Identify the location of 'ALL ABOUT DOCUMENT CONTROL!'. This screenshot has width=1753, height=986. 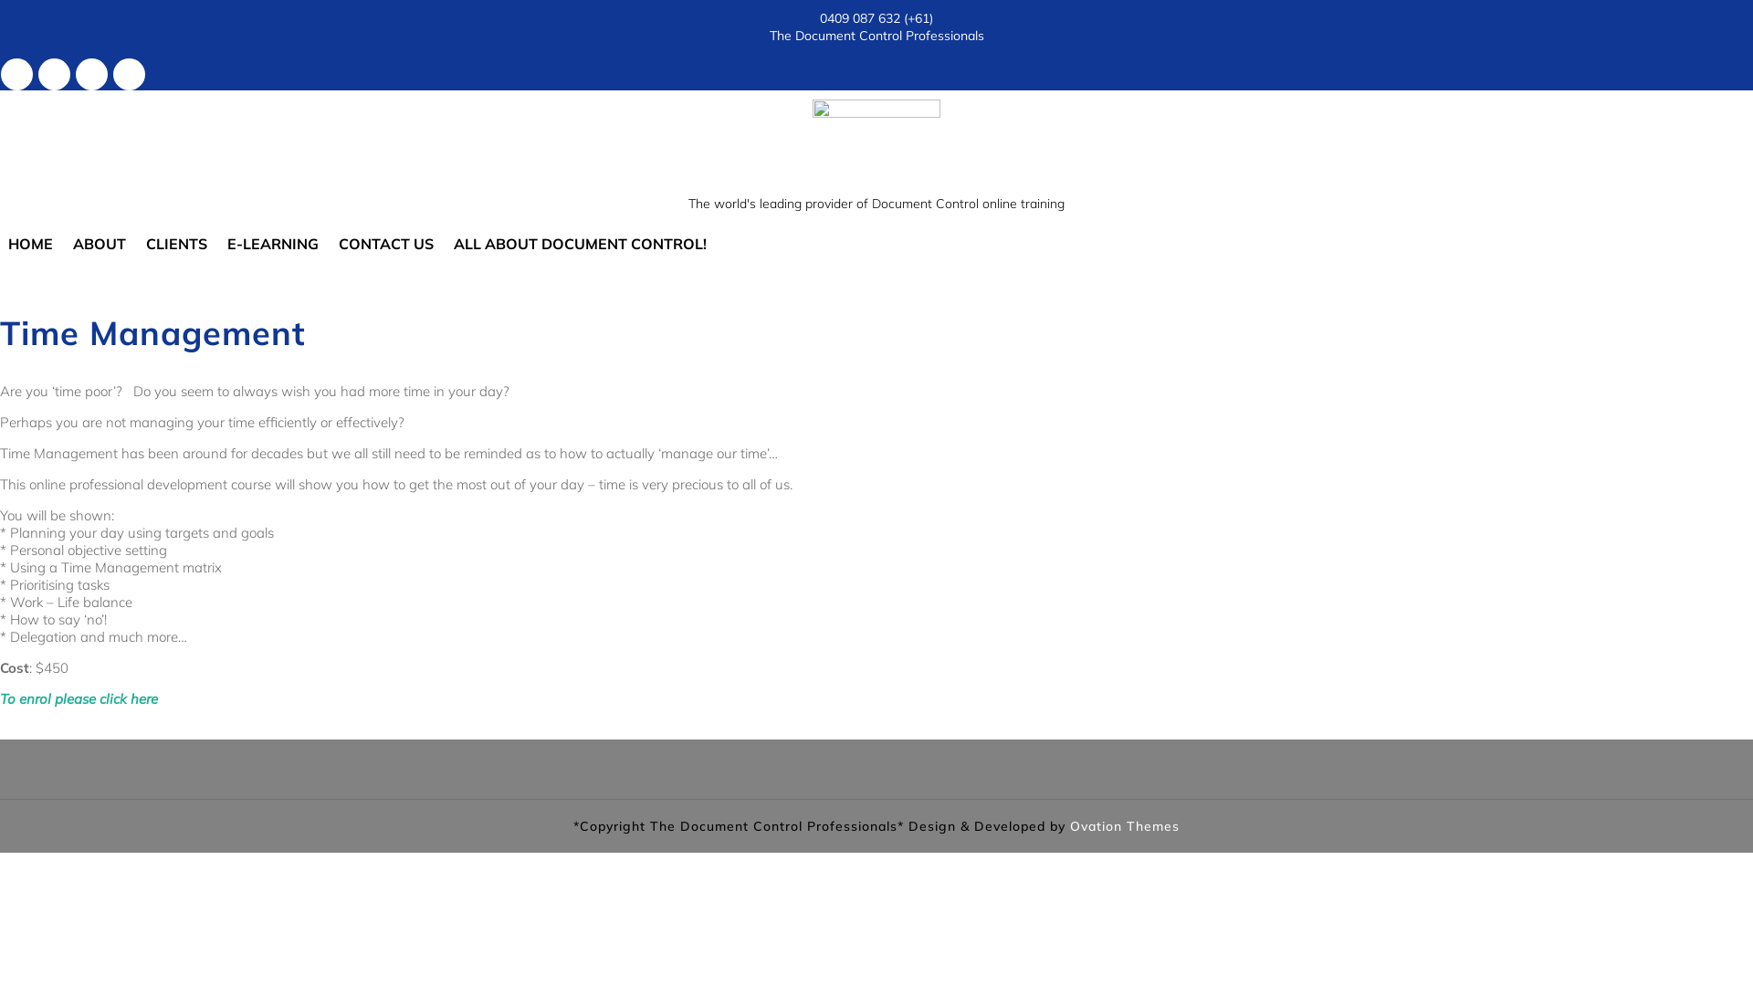
(579, 242).